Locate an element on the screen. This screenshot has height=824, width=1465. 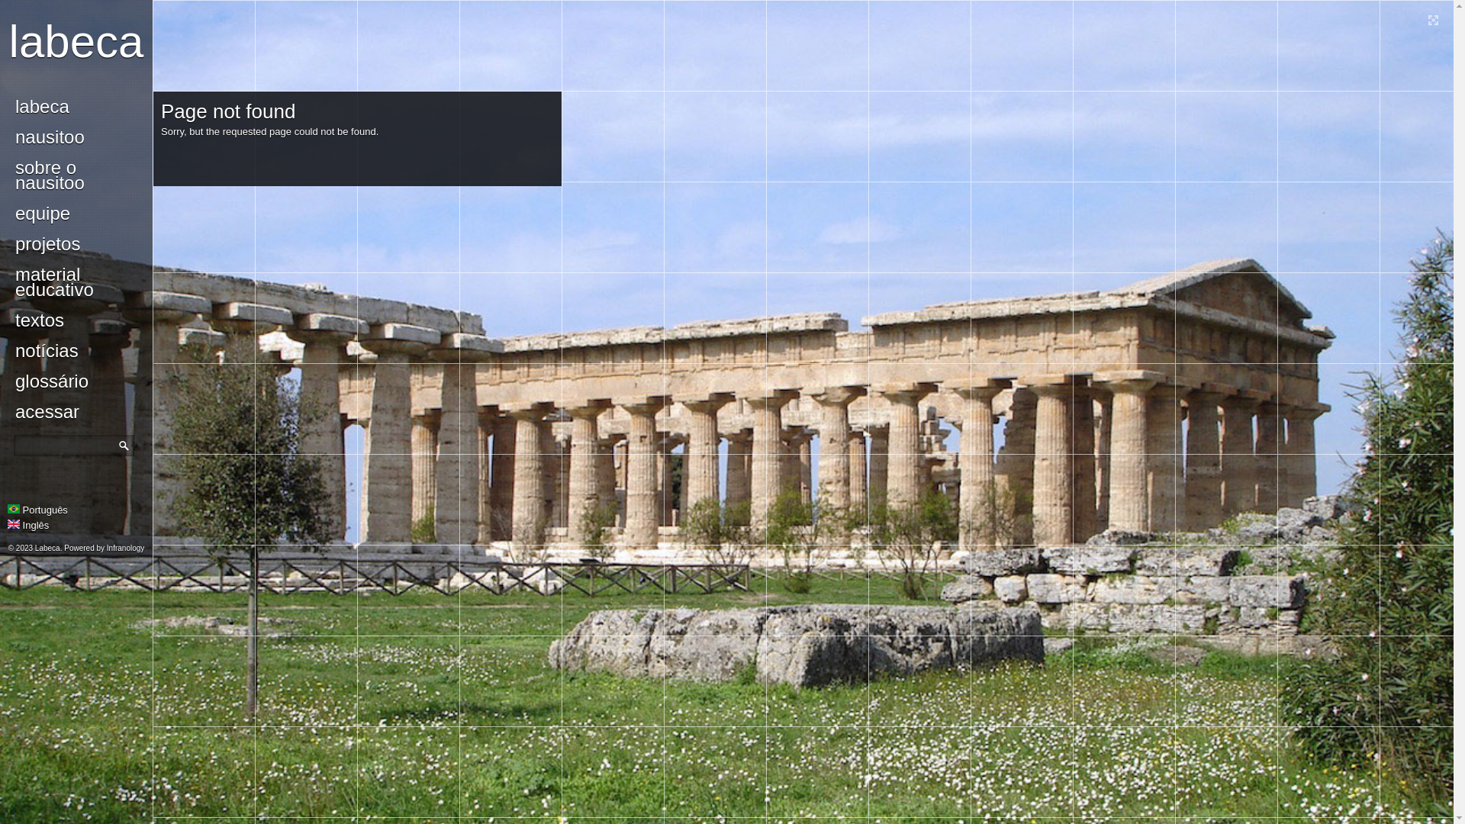
'nausitoo' is located at coordinates (76, 137).